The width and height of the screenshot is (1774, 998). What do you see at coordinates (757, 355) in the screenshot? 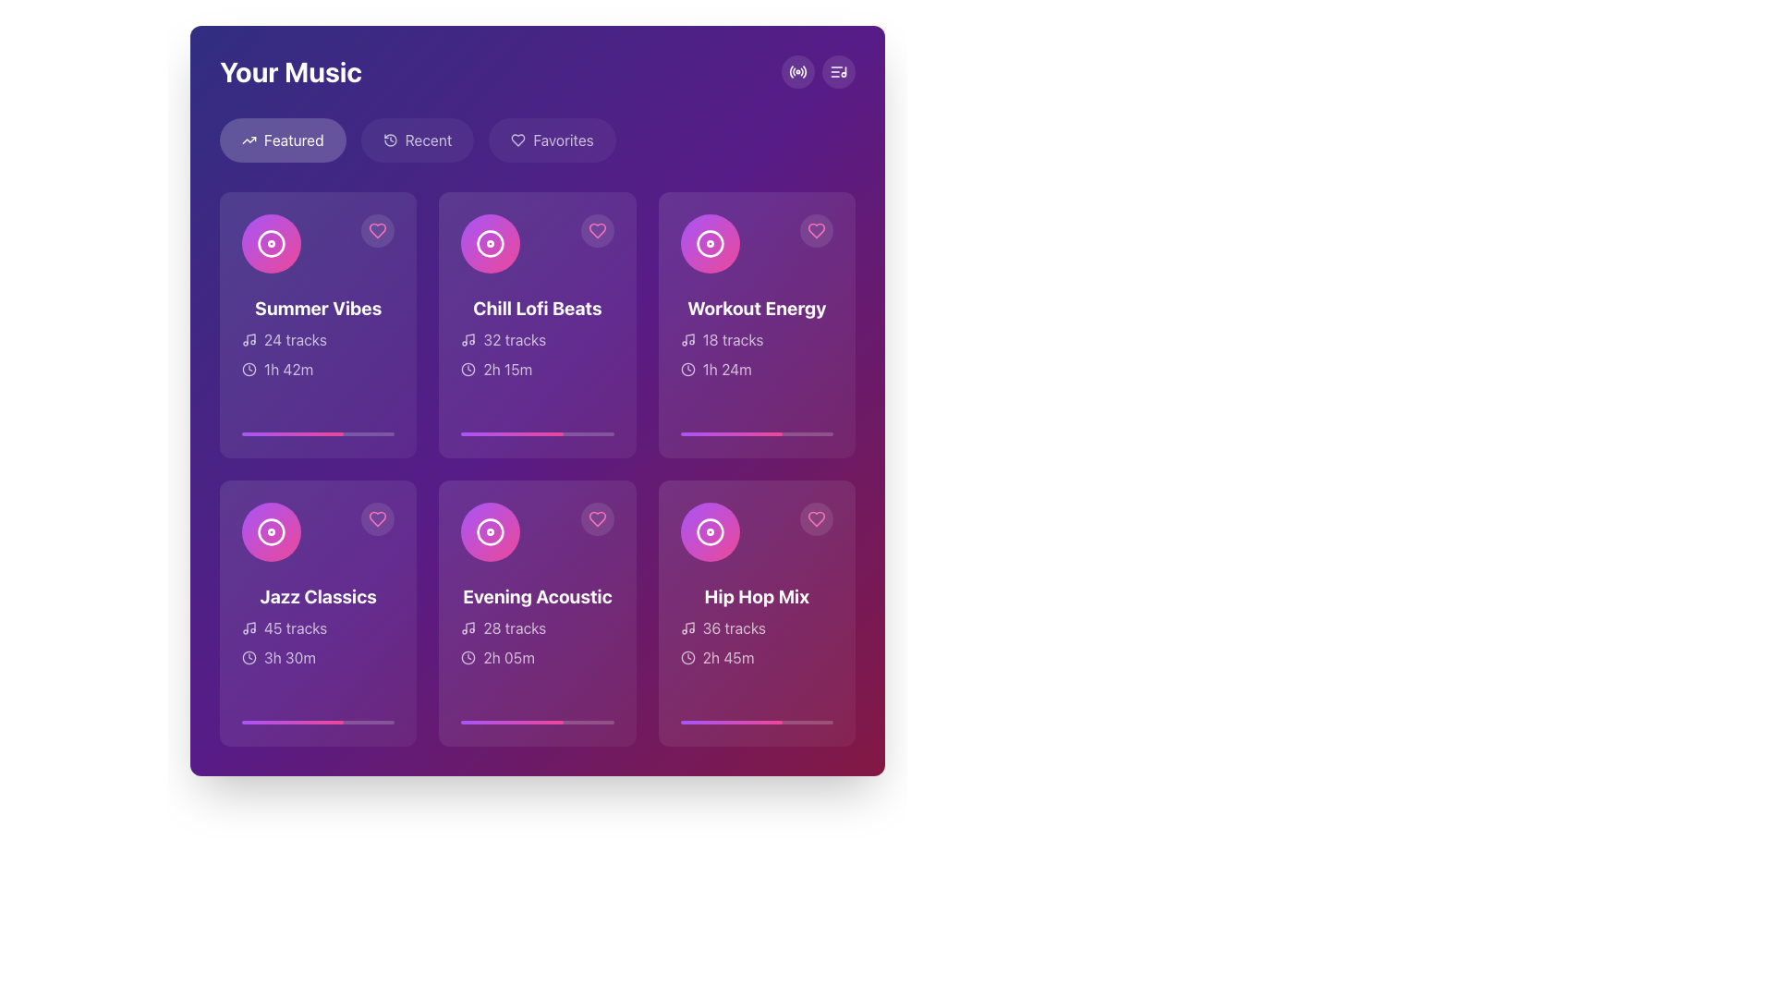
I see `the text block displaying the playlist metadata, which shows '18 tracks' and '1h 24m' duration, located in the lower section of the 'Workout Energy' card` at bounding box center [757, 355].